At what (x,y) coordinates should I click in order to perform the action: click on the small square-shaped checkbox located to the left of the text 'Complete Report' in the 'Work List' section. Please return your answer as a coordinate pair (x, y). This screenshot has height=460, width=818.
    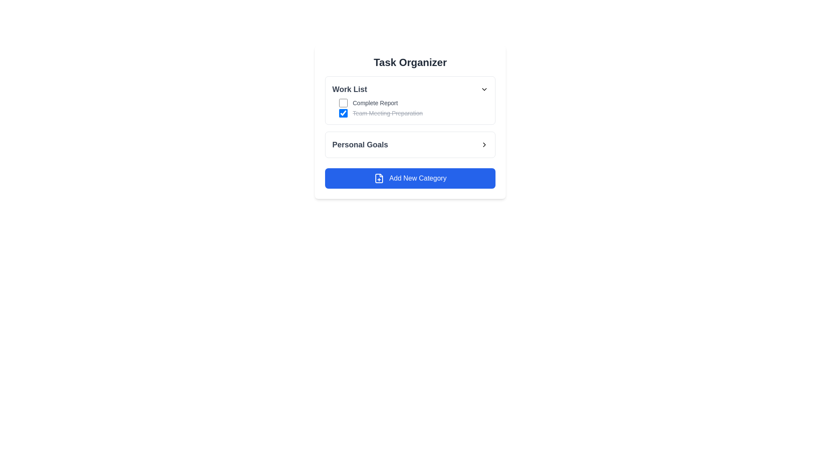
    Looking at the image, I should click on (343, 103).